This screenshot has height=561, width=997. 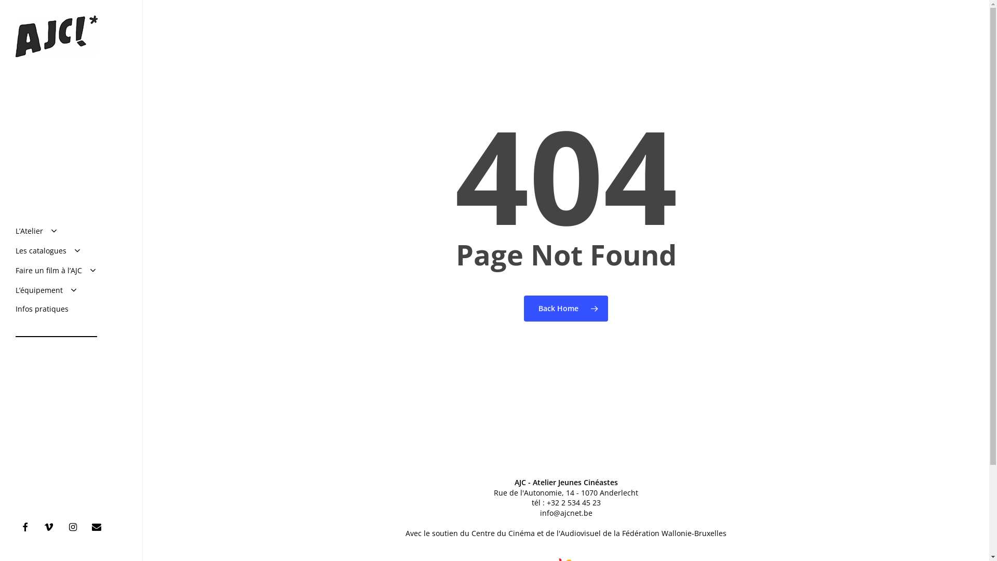 I want to click on 'Back Home', so click(x=565, y=308).